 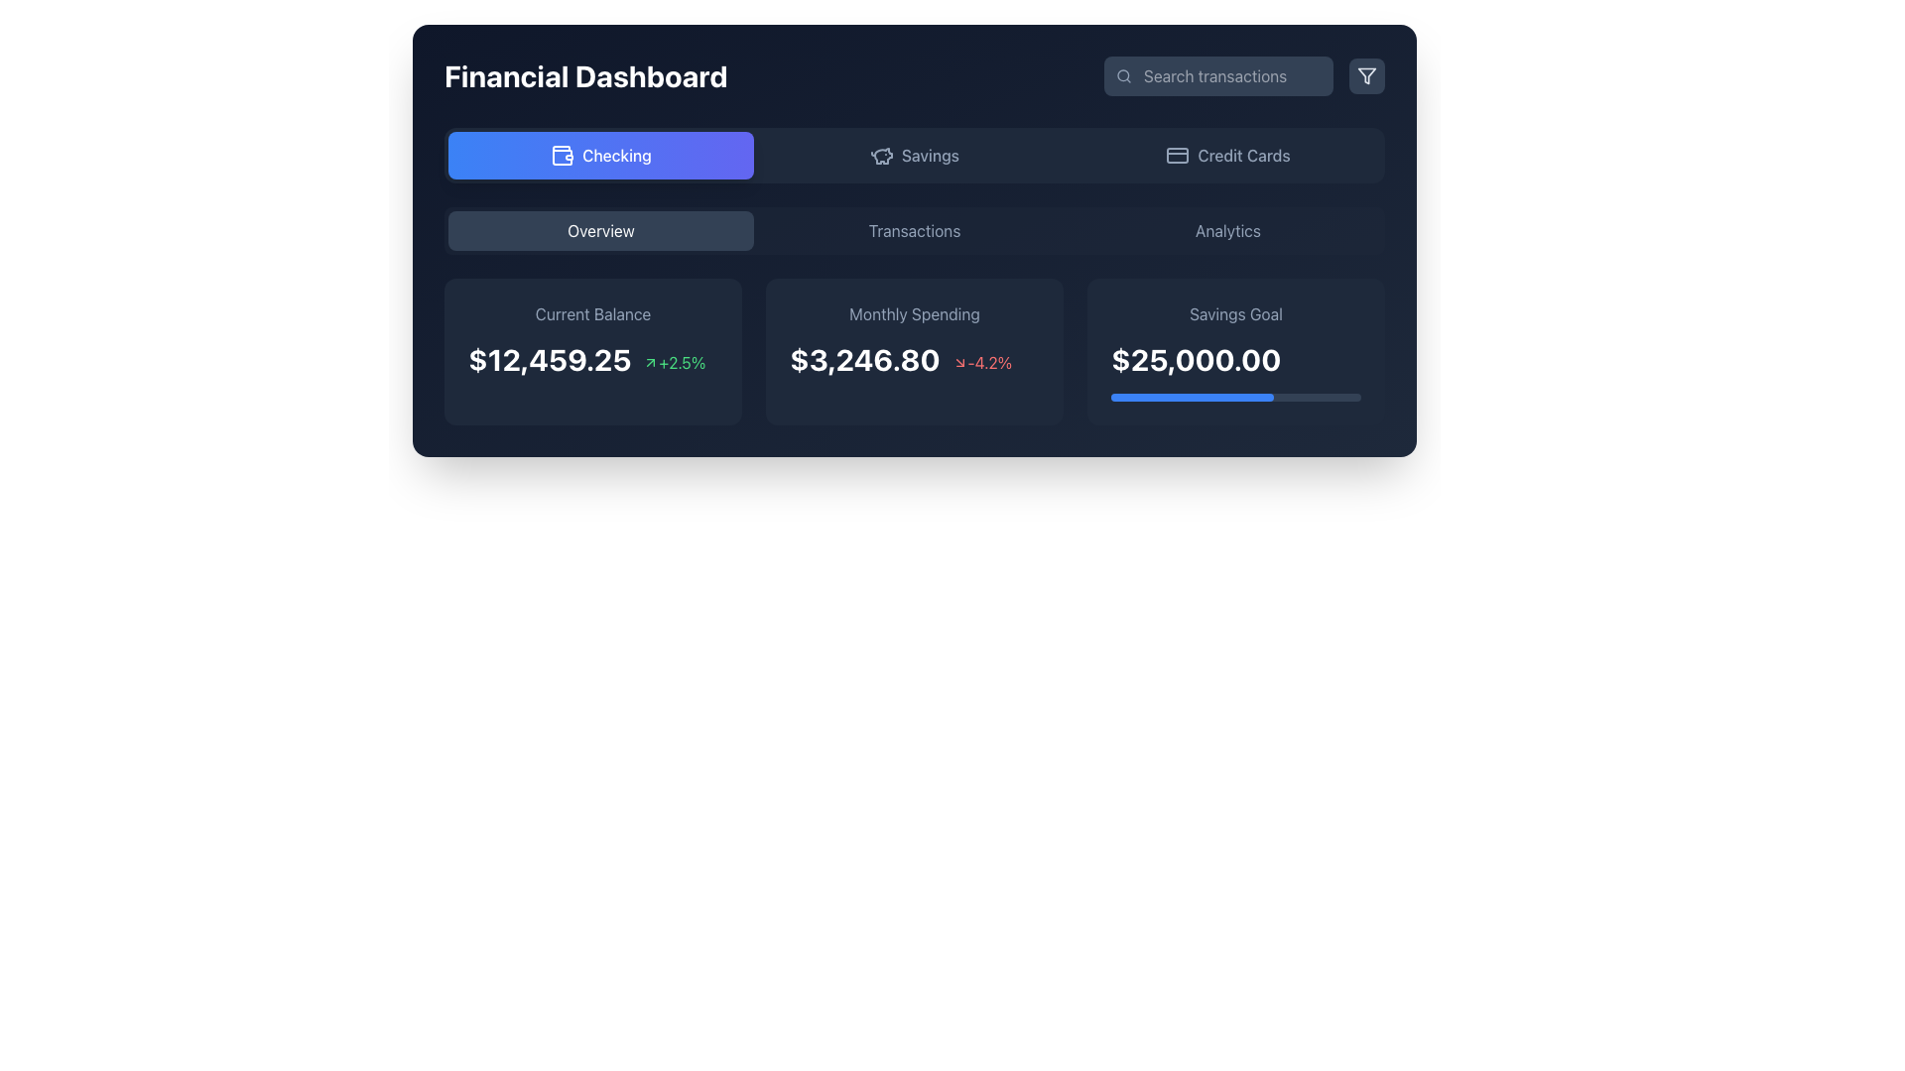 What do you see at coordinates (981, 363) in the screenshot?
I see `the decorated text with an icon indicating a negative percentage change, located to the right of the text '$3,246.80' in the 'Monthly Spending' section` at bounding box center [981, 363].